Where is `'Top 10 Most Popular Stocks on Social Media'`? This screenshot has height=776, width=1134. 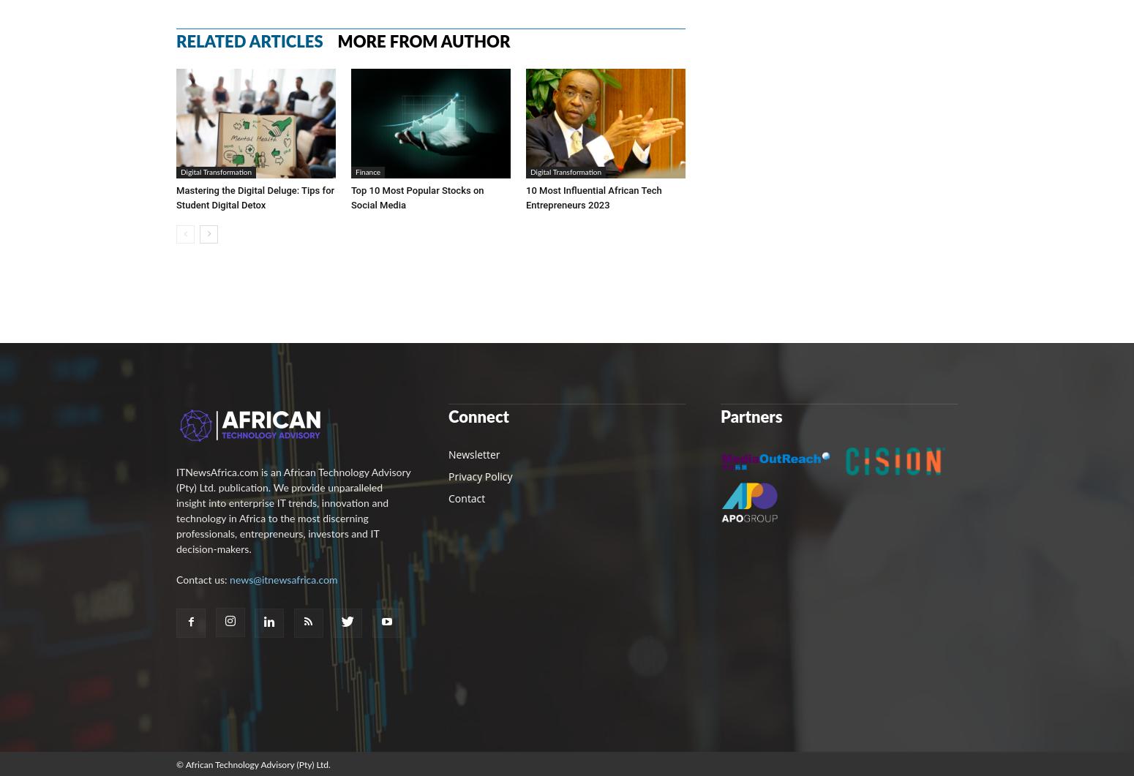 'Top 10 Most Popular Stocks on Social Media' is located at coordinates (417, 196).